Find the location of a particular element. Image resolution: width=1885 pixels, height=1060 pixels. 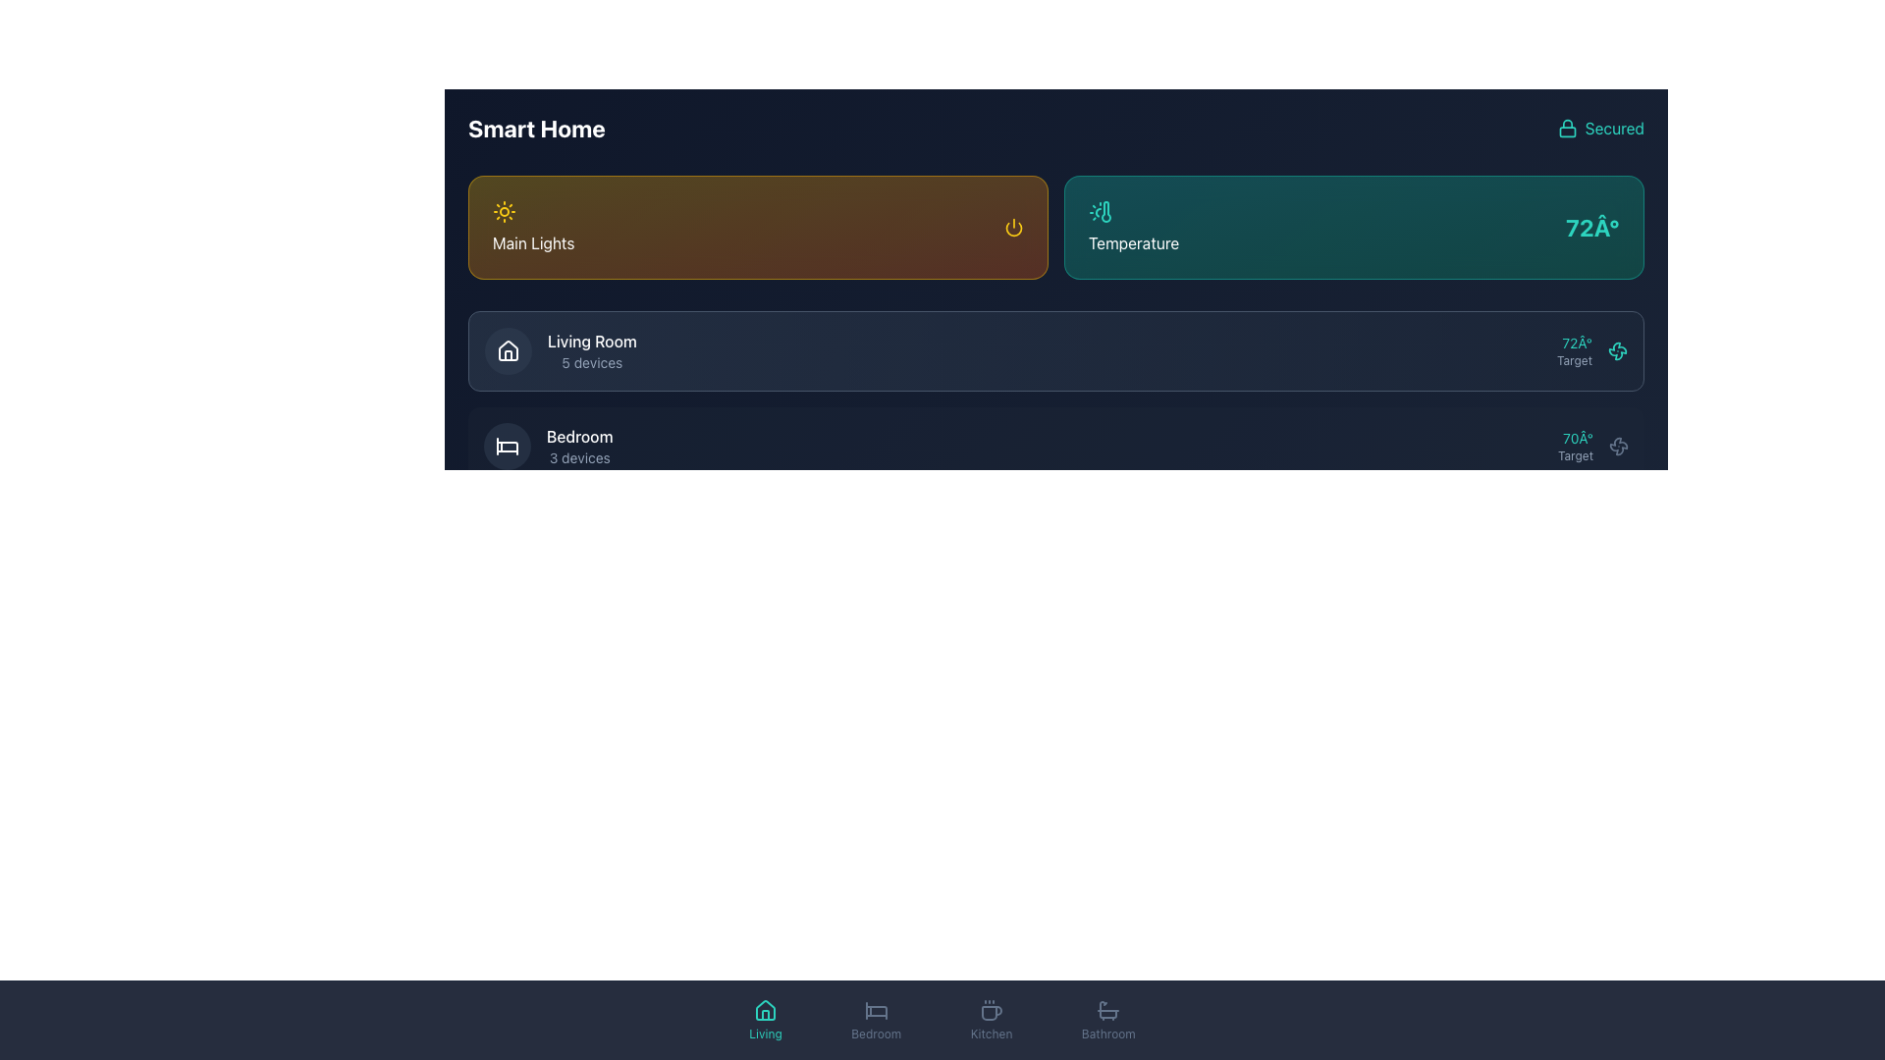

the 'Bedroom' text display element, which includes the heading 'Bedroom' and the subtitle '3 devices' is located at coordinates (578, 447).